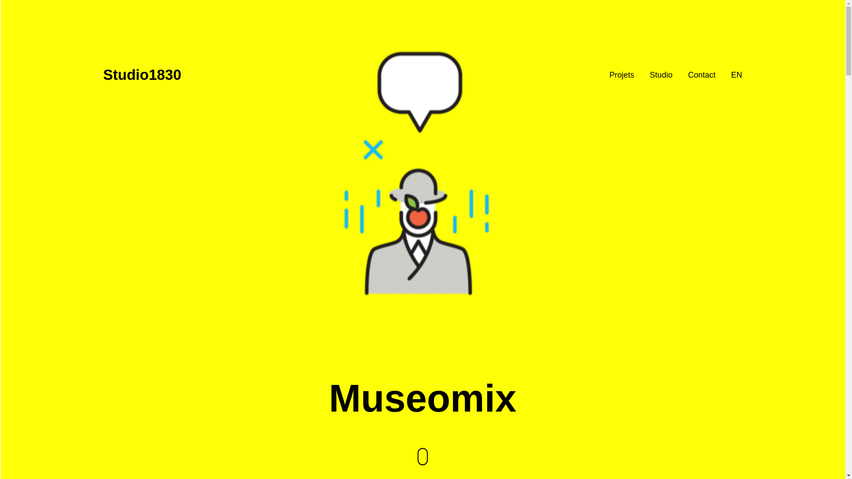  I want to click on 'Contact', so click(701, 74).